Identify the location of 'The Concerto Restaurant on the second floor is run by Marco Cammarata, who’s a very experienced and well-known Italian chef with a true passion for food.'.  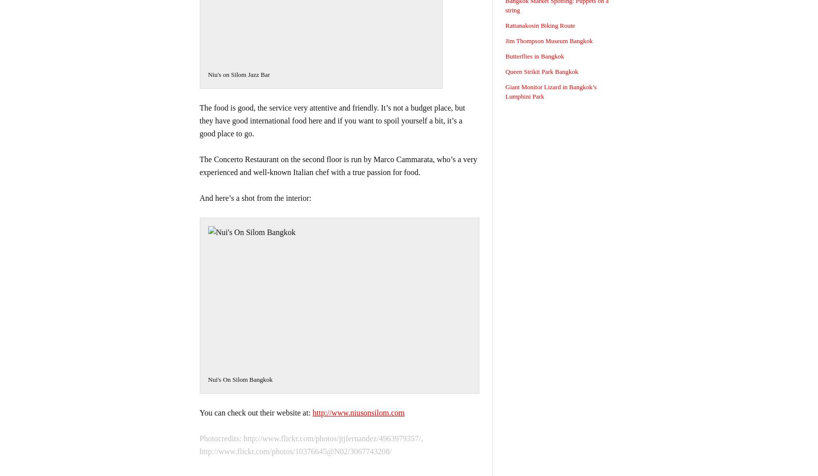
(337, 166).